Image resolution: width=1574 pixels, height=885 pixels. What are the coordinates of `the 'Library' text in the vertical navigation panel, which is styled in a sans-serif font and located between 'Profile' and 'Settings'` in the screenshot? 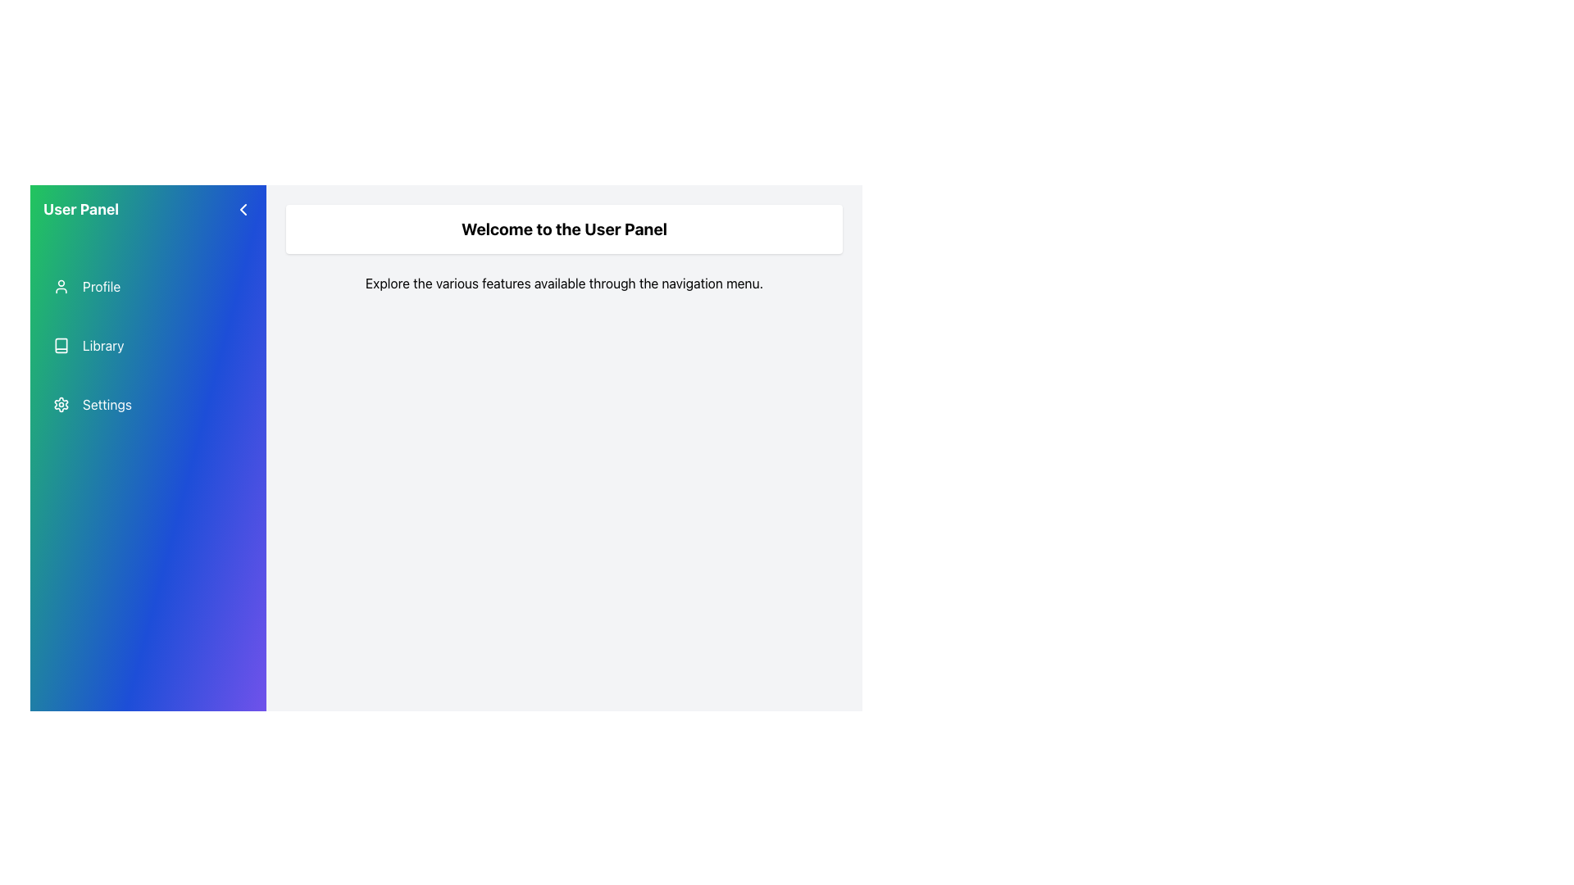 It's located at (102, 344).